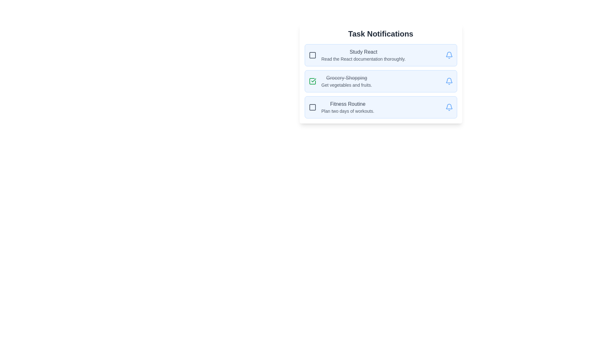 This screenshot has height=343, width=610. Describe the element at coordinates (363, 59) in the screenshot. I see `the description text element located directly below 'Study React' in the first task card of the 'Task Notifications' list` at that location.